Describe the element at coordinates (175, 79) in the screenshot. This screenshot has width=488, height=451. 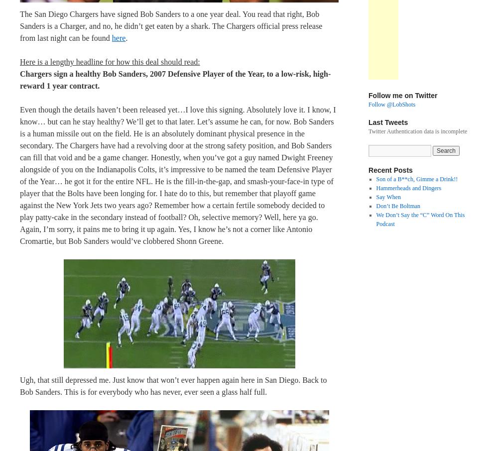
I see `'Chargers sign a healthy Bob Sanders, 2007 Defensive Player of the Year,  to a low-risk, high-reward 1 year contract.'` at that location.